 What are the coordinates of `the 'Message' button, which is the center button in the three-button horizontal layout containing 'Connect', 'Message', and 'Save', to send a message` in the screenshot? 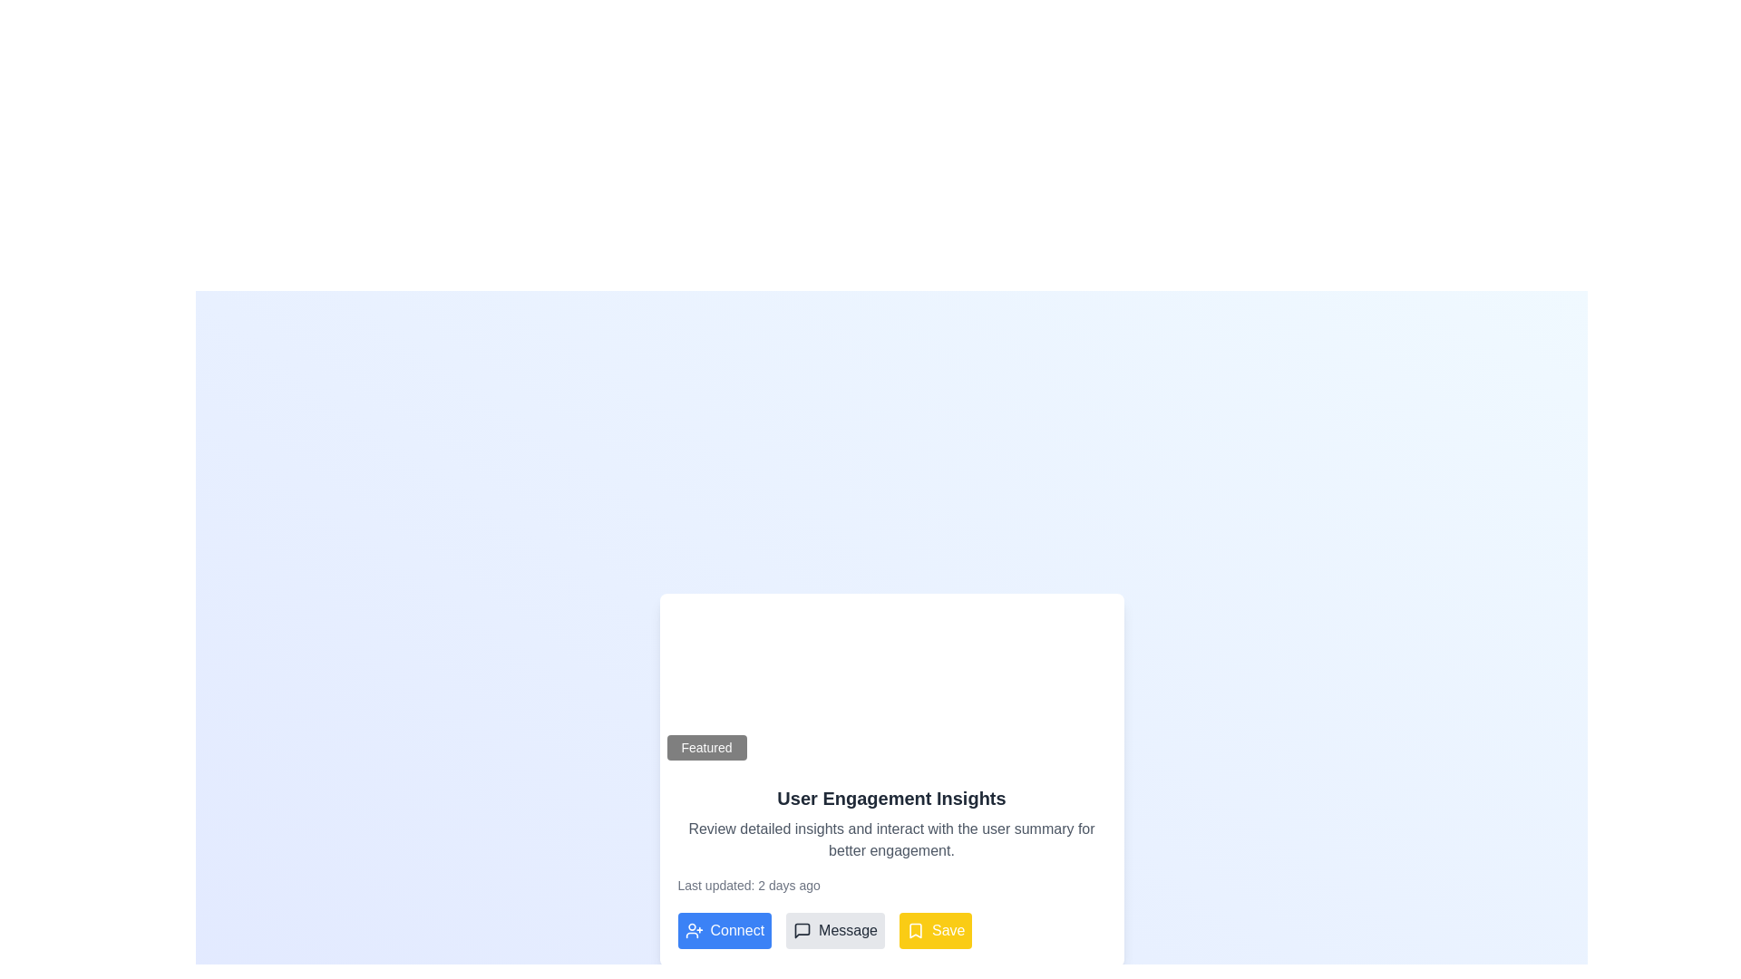 It's located at (891, 930).